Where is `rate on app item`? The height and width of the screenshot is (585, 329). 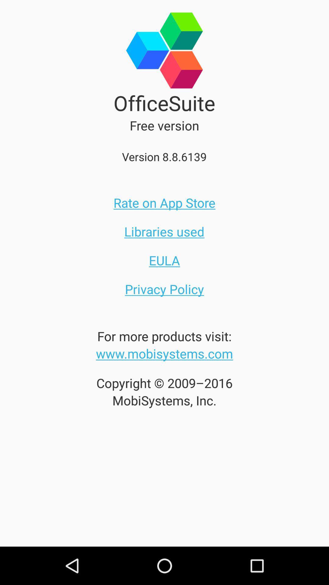 rate on app item is located at coordinates (164, 203).